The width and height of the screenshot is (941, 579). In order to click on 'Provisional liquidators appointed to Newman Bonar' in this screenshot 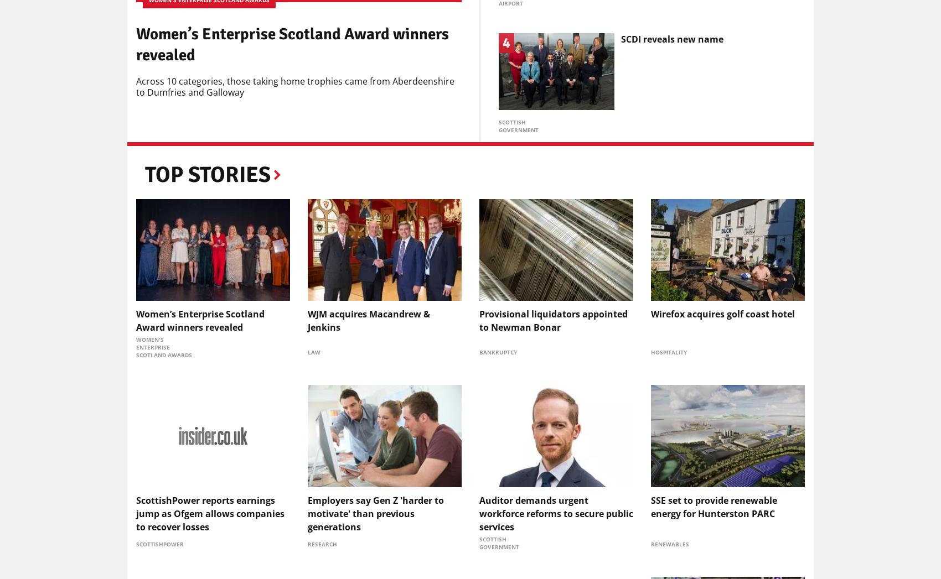, I will do `click(552, 320)`.